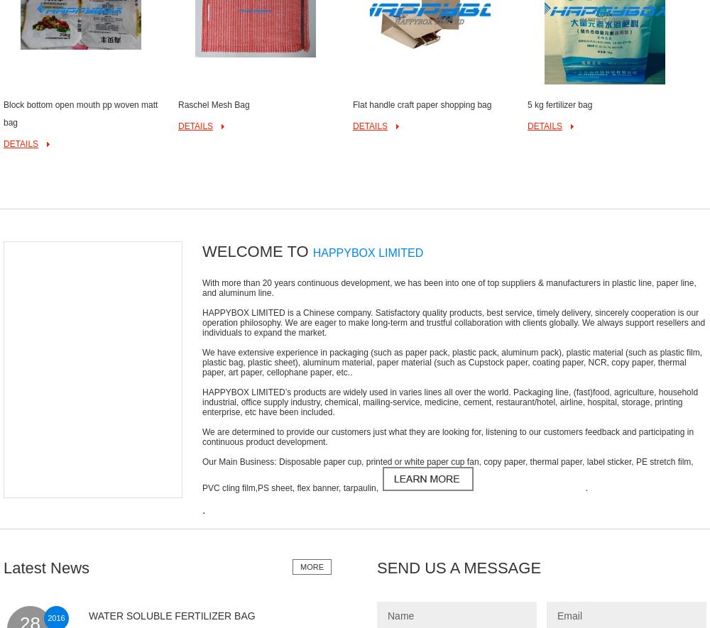 The image size is (710, 628). What do you see at coordinates (45, 567) in the screenshot?
I see `'Latest News'` at bounding box center [45, 567].